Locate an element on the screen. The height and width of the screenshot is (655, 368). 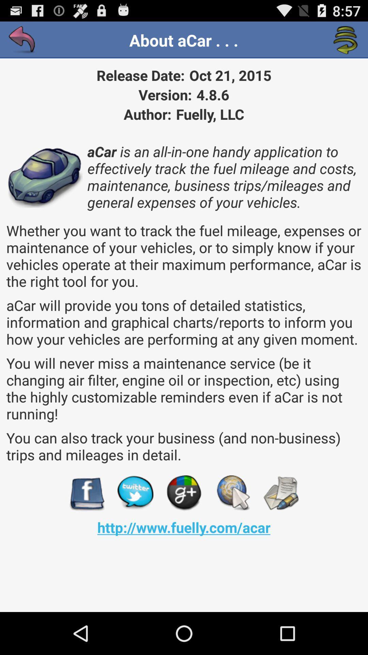
the app above http www fuelly app is located at coordinates (281, 493).